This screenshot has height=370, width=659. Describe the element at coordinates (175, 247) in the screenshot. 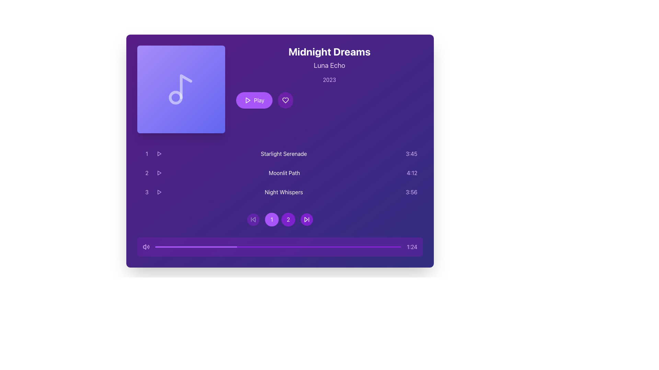

I see `the progress` at that location.